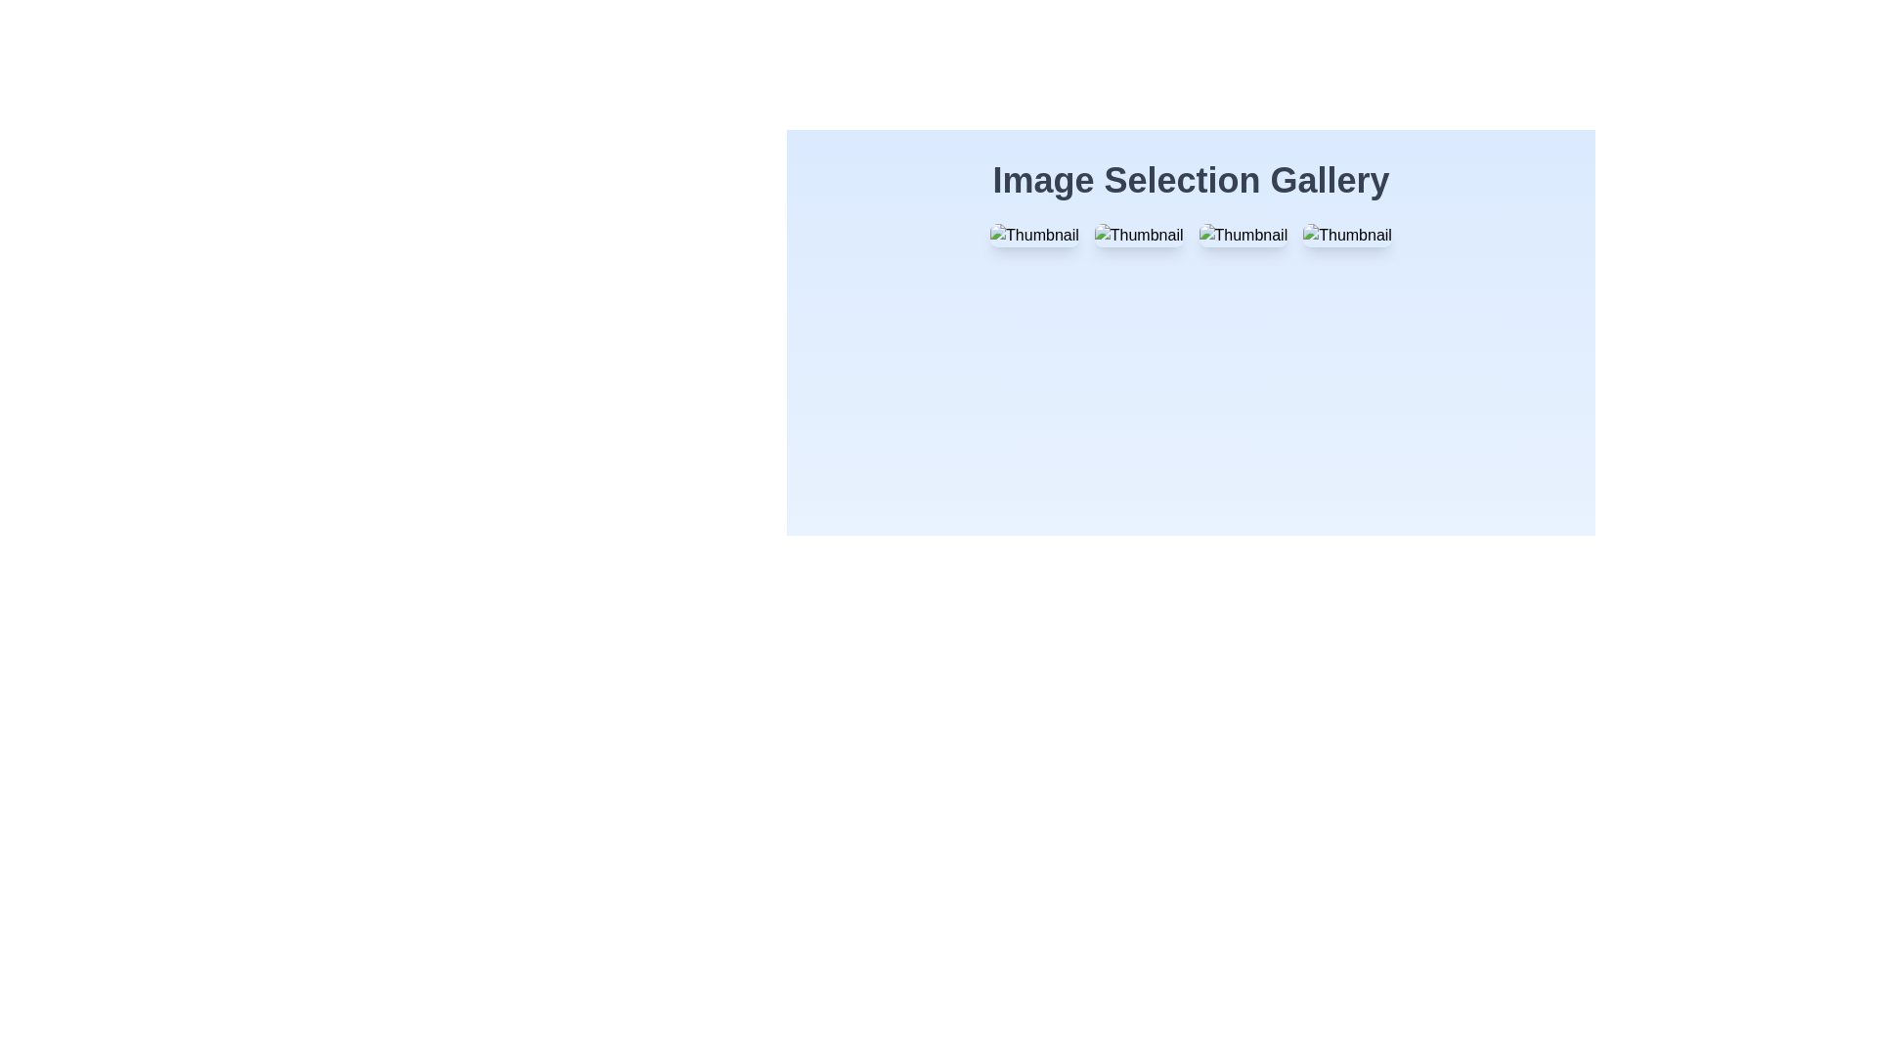 This screenshot has height=1056, width=1877. I want to click on the second image thumbnail in the 'Image Selection Gallery' to trigger the scaling animation, so click(1139, 234).